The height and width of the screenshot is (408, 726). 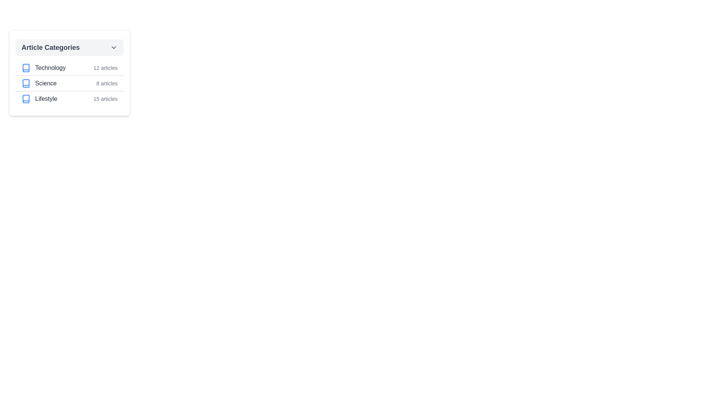 What do you see at coordinates (50, 48) in the screenshot?
I see `the static text label element displaying 'Article Categories', which is located at the top of a dropdown menu and styled in bold dark gray against a light gray background` at bounding box center [50, 48].